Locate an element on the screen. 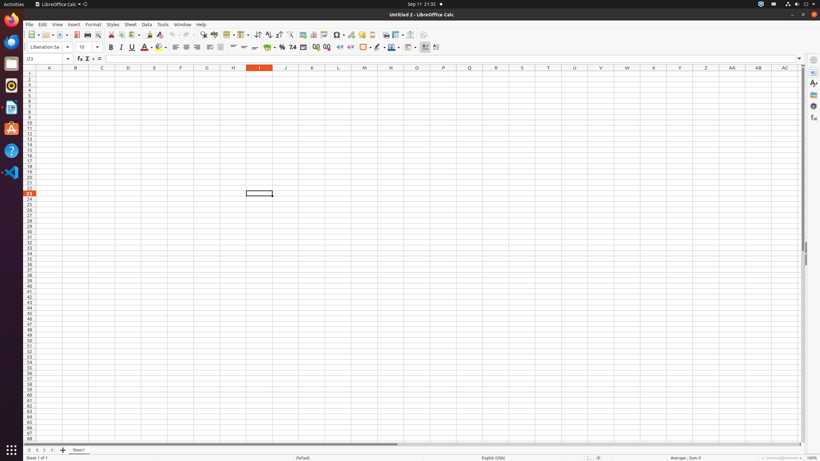 The image size is (820, 461). 'AB1' is located at coordinates (758, 73).